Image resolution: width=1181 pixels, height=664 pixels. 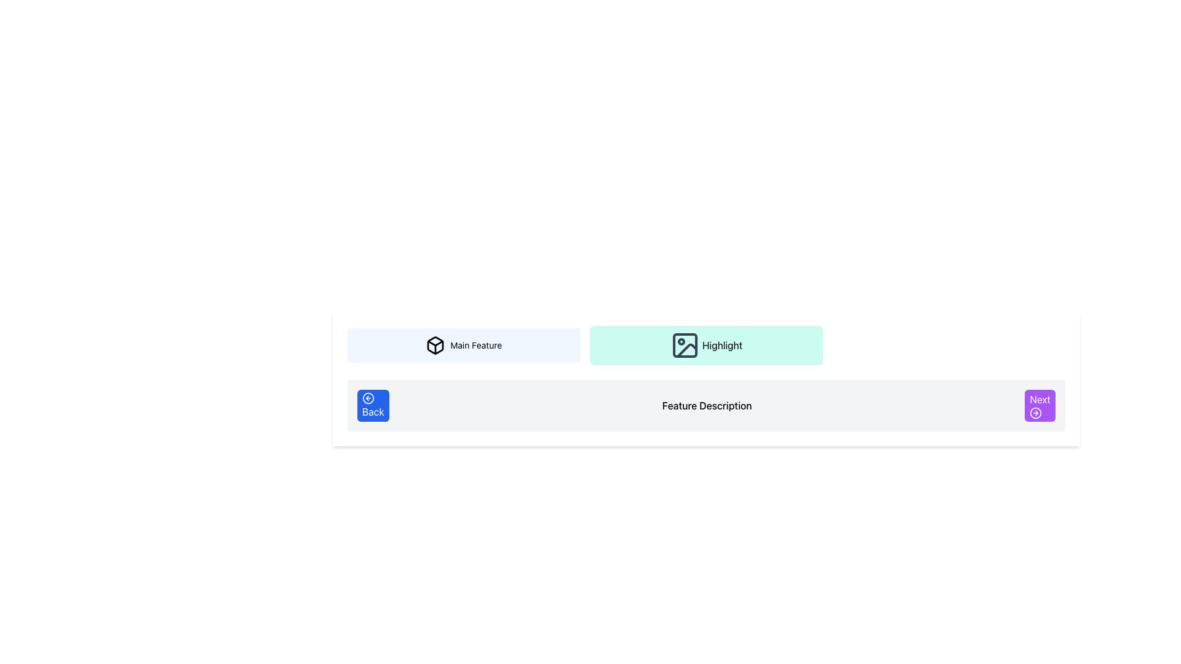 What do you see at coordinates (707, 405) in the screenshot?
I see `the Static Text Label displaying 'Feature Description', which is styled with a medium-sized, bold font and has a light gray background, located centrally between the 'Back' and 'Next' buttons` at bounding box center [707, 405].